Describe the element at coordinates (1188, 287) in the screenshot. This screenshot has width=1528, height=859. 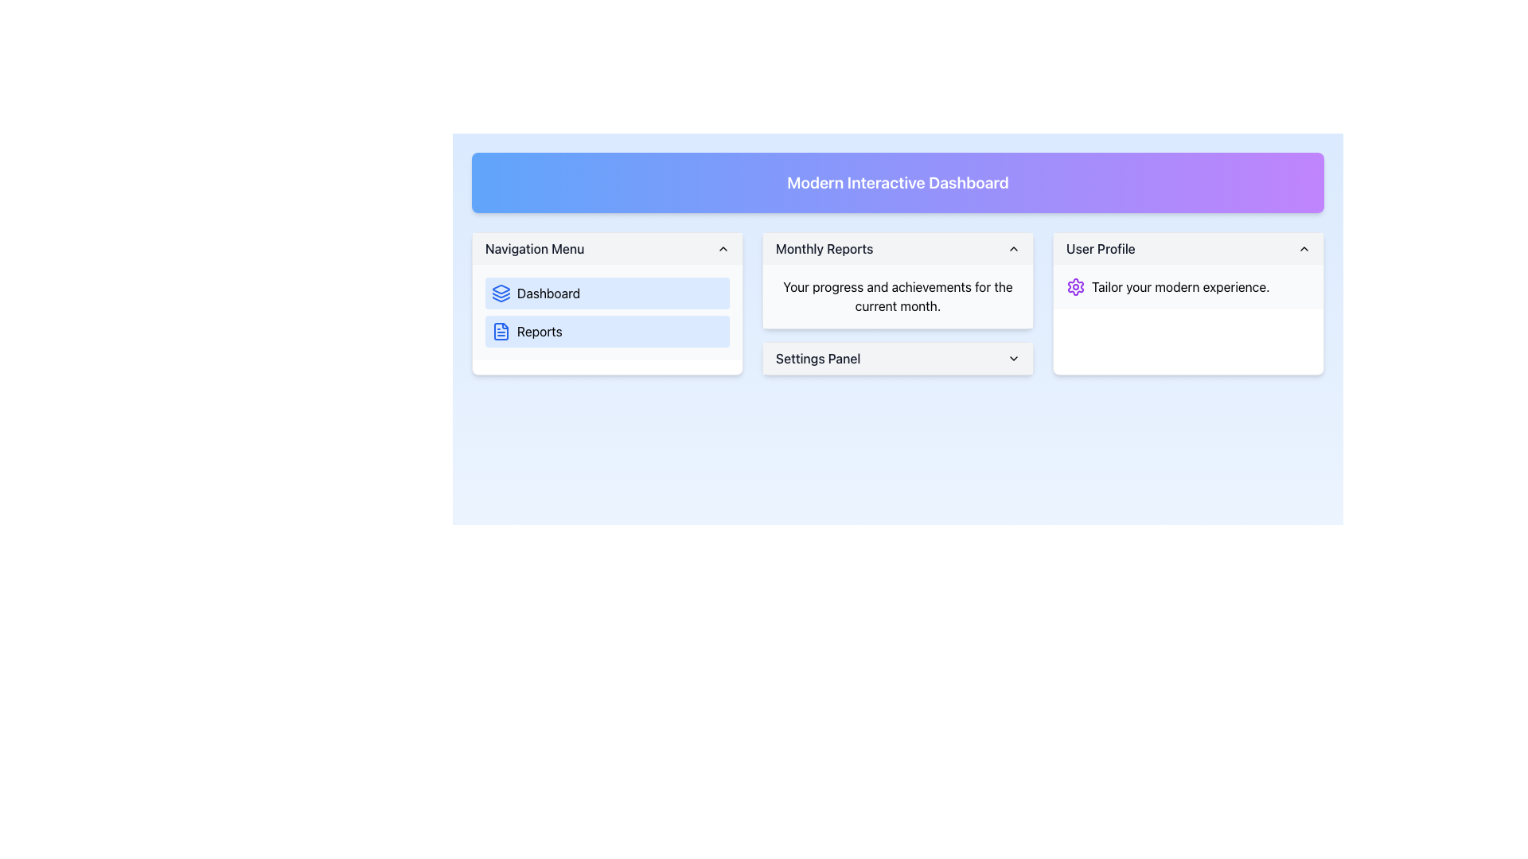
I see `the content box displaying 'Tailor your modern experience.' in the User Profile card located in the top-right section of the interface` at that location.